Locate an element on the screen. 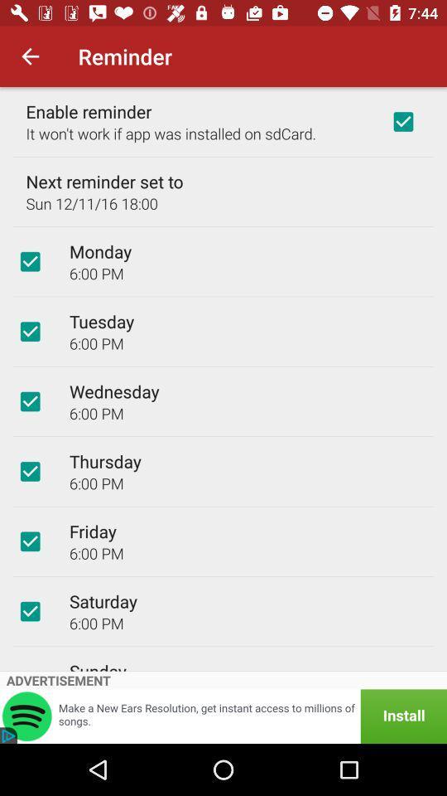  the icon to the left of the reminder is located at coordinates (30, 56).